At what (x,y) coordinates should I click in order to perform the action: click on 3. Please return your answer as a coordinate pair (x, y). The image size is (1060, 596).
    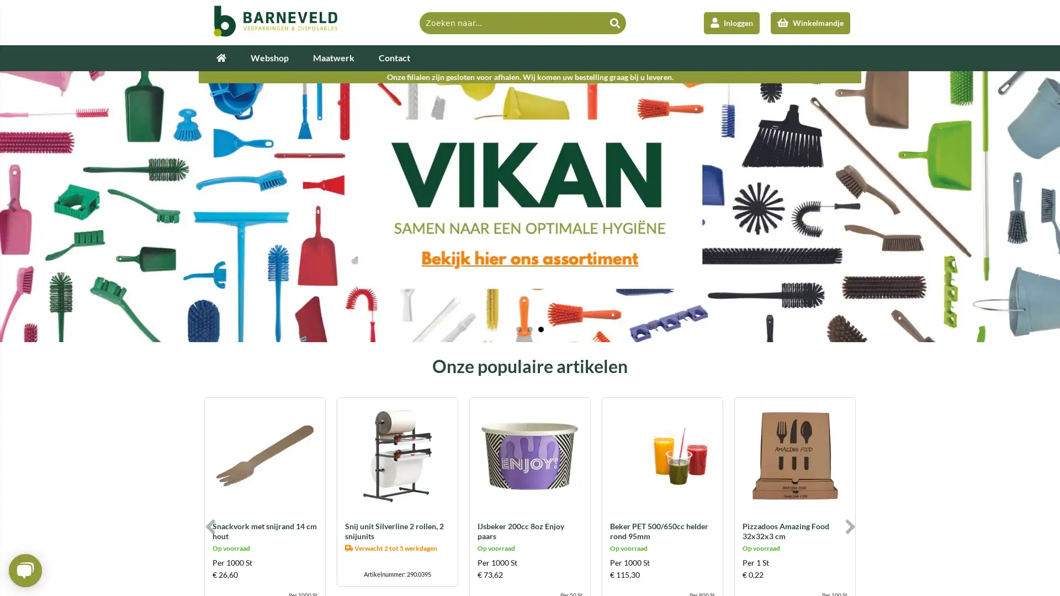
    Looking at the image, I should click on (540, 329).